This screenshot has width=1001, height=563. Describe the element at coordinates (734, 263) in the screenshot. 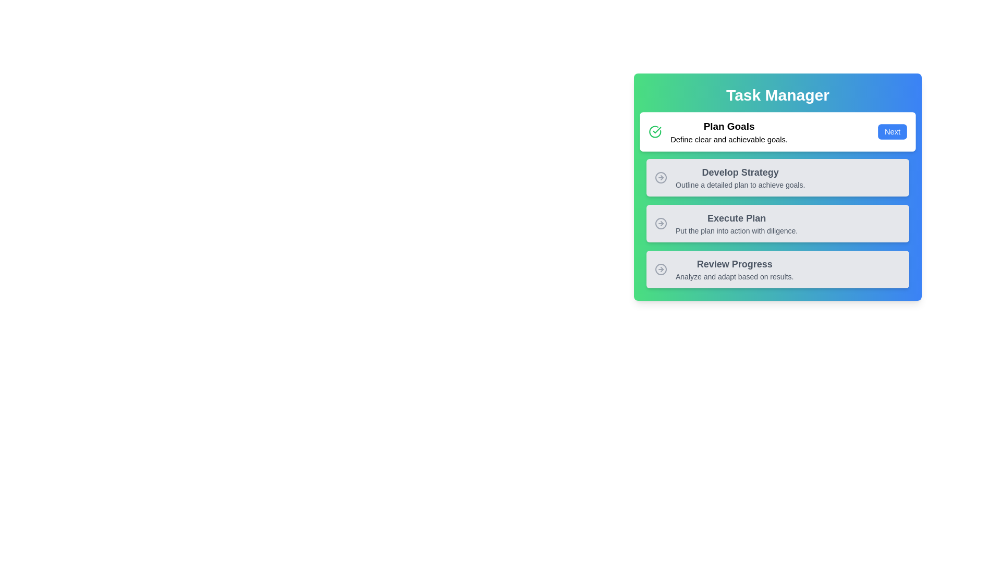

I see `the non-interactive text label serving as the header for the 'Review Progress' task, which is positioned inside the fourth task in a vertical list of tasks` at that location.